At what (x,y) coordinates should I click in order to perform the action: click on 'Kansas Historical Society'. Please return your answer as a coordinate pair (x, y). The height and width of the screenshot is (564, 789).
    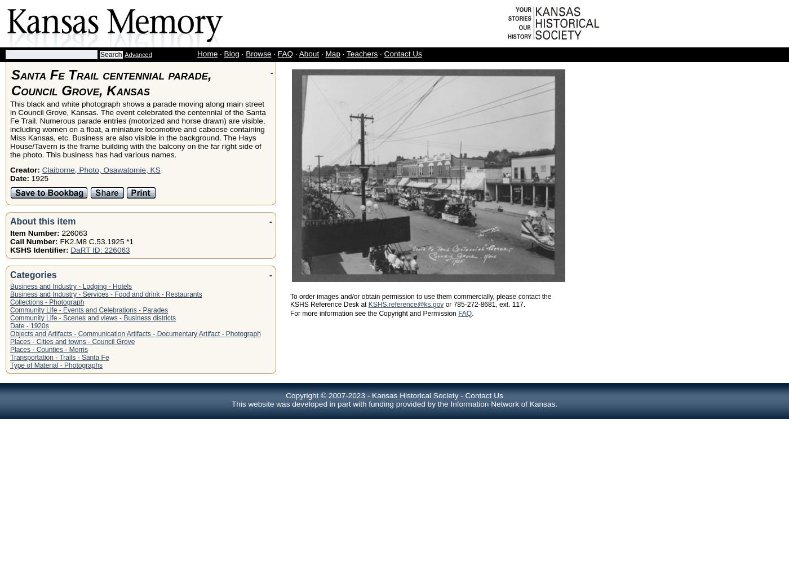
    Looking at the image, I should click on (415, 395).